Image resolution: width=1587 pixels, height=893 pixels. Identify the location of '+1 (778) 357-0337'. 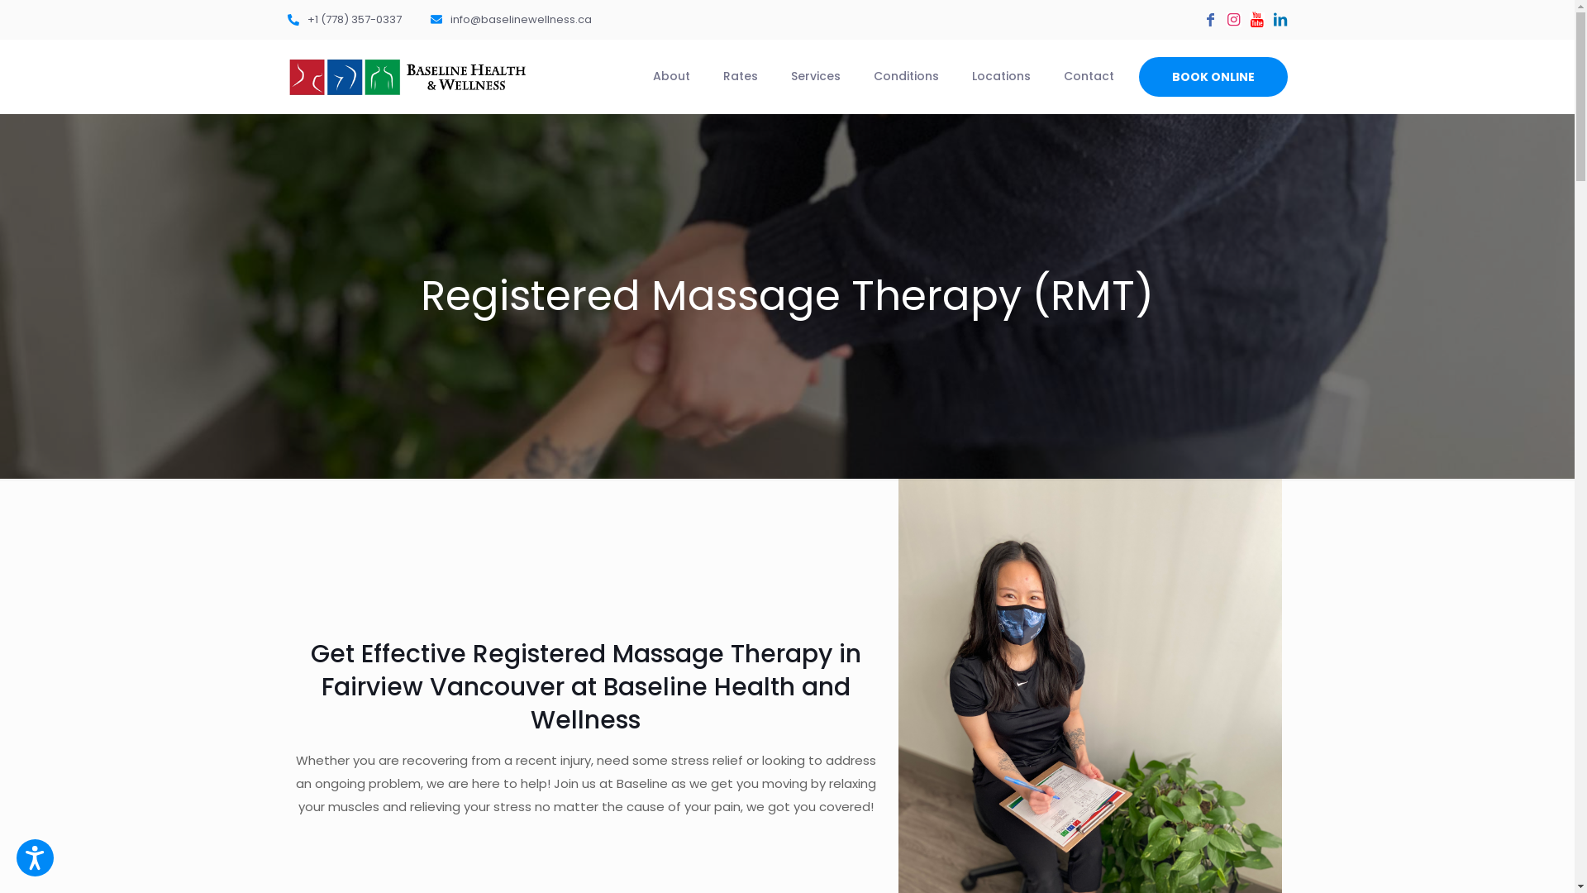
(344, 19).